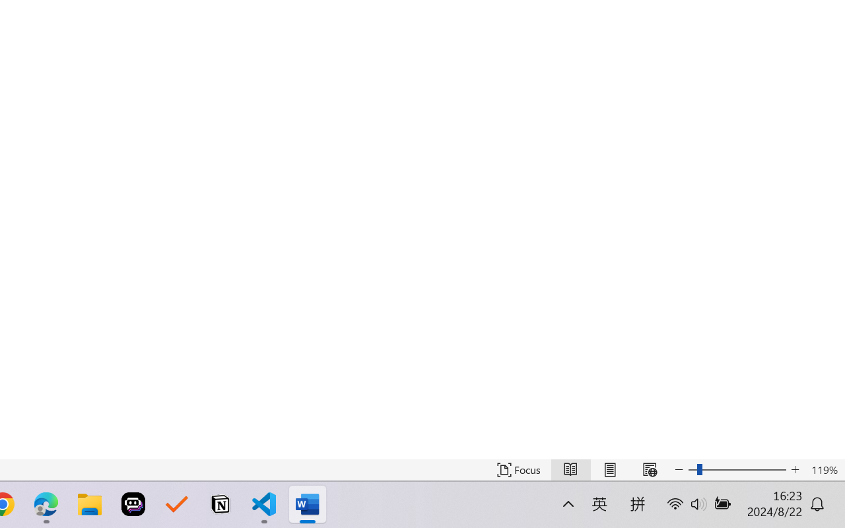 The height and width of the screenshot is (528, 845). What do you see at coordinates (795, 469) in the screenshot?
I see `'Increase Text Size'` at bounding box center [795, 469].